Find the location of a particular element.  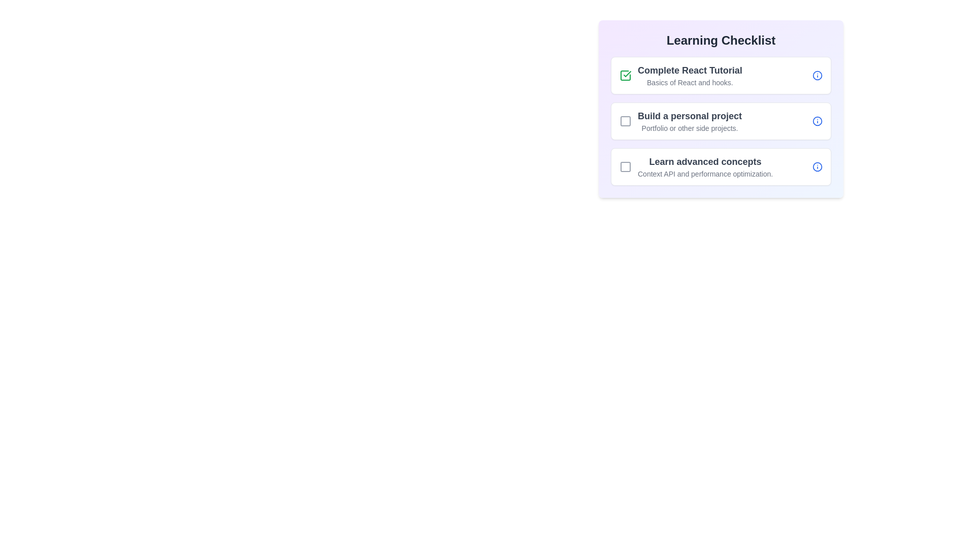

the information icon of the item with title 'Learn advanced concepts' is located at coordinates (817, 166).